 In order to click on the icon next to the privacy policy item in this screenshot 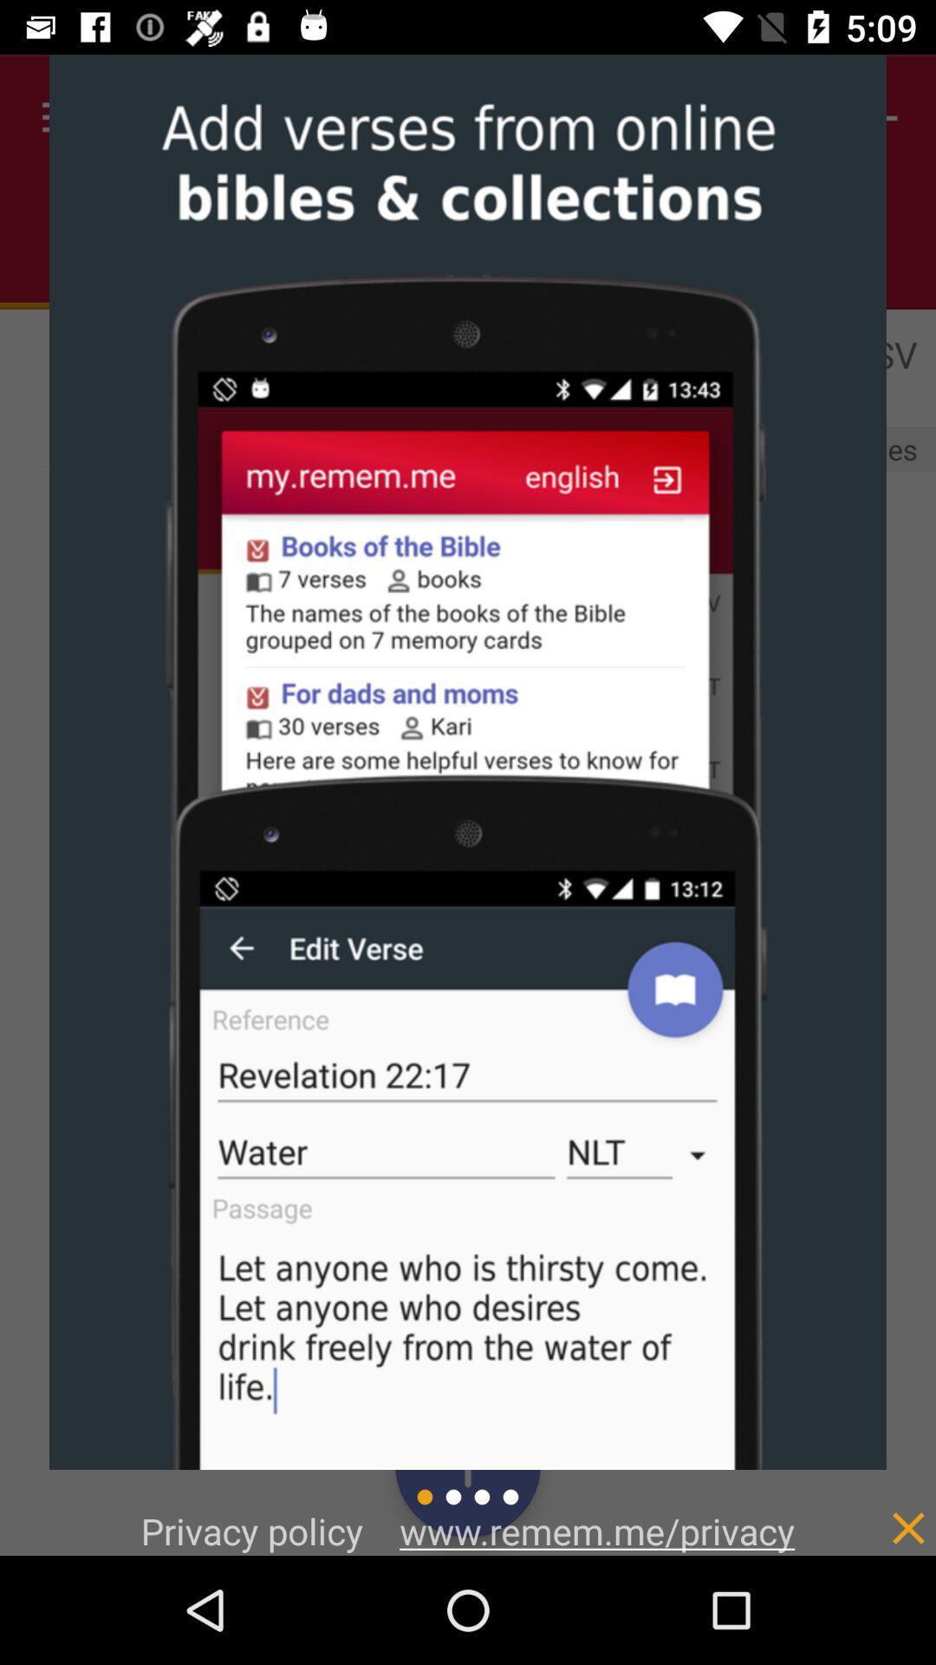, I will do `click(596, 1531)`.